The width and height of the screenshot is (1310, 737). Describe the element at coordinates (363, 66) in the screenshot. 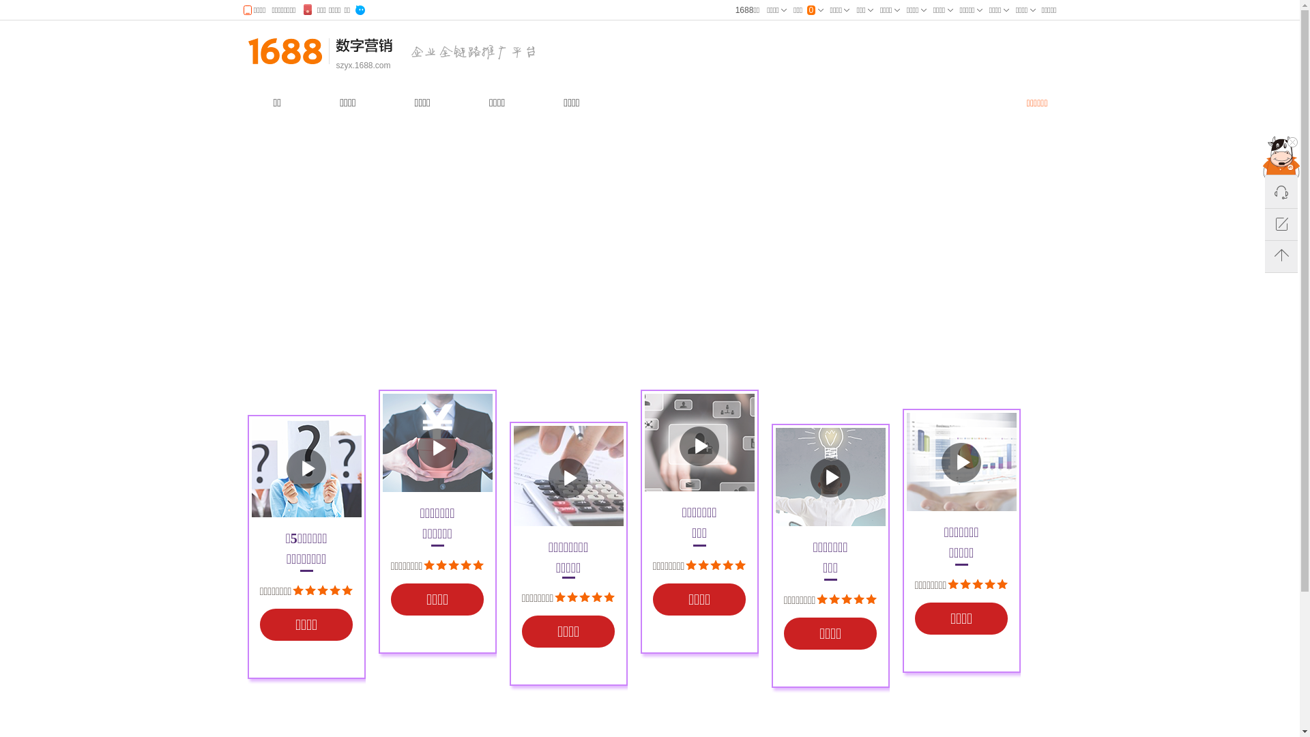

I see `'szyx.1688.com'` at that location.